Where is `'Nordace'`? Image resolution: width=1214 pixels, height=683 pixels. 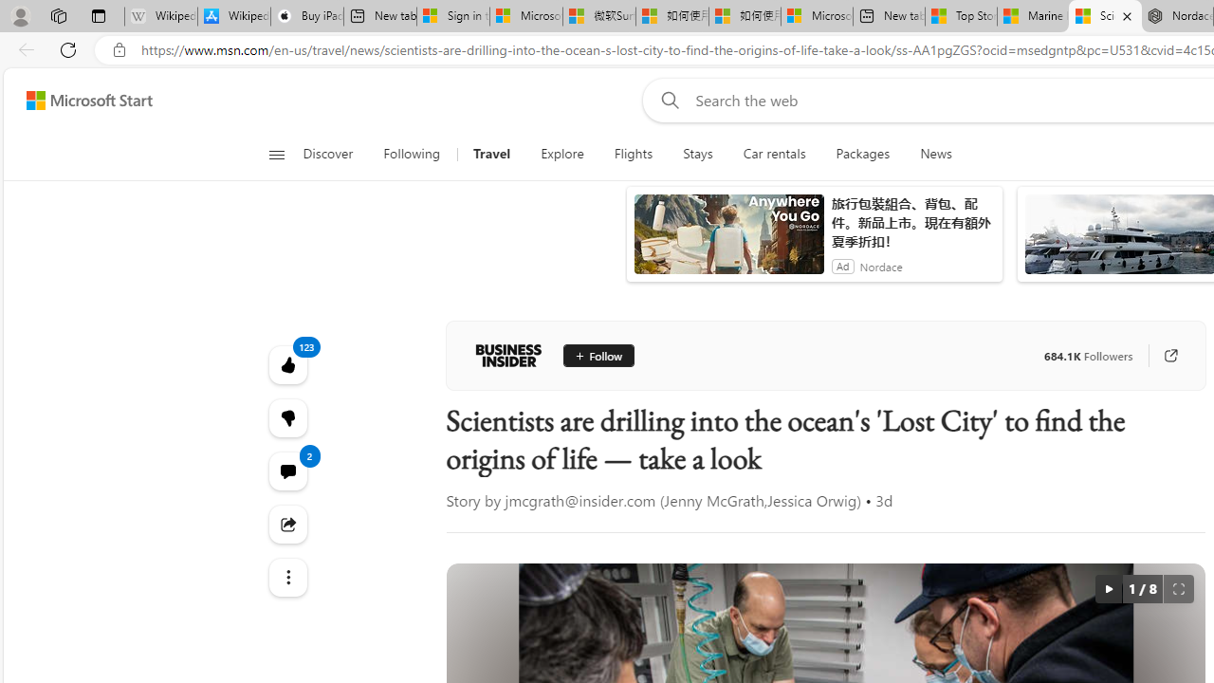 'Nordace' is located at coordinates (880, 266).